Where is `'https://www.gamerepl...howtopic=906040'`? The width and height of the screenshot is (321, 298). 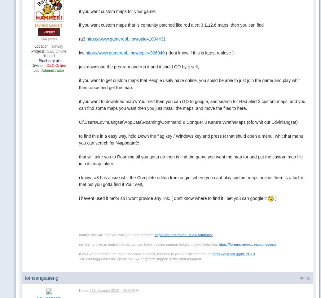 'https://www.gamerepl...howtopic=906040' is located at coordinates (85, 52).